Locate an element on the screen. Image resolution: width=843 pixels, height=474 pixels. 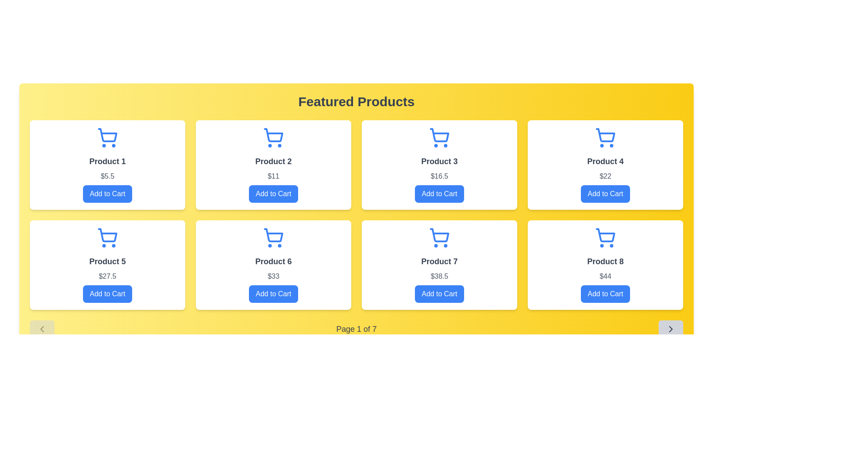
the button located in the fourth product card, directly below the '$22' text and under the shopping cart icon is located at coordinates (605, 194).